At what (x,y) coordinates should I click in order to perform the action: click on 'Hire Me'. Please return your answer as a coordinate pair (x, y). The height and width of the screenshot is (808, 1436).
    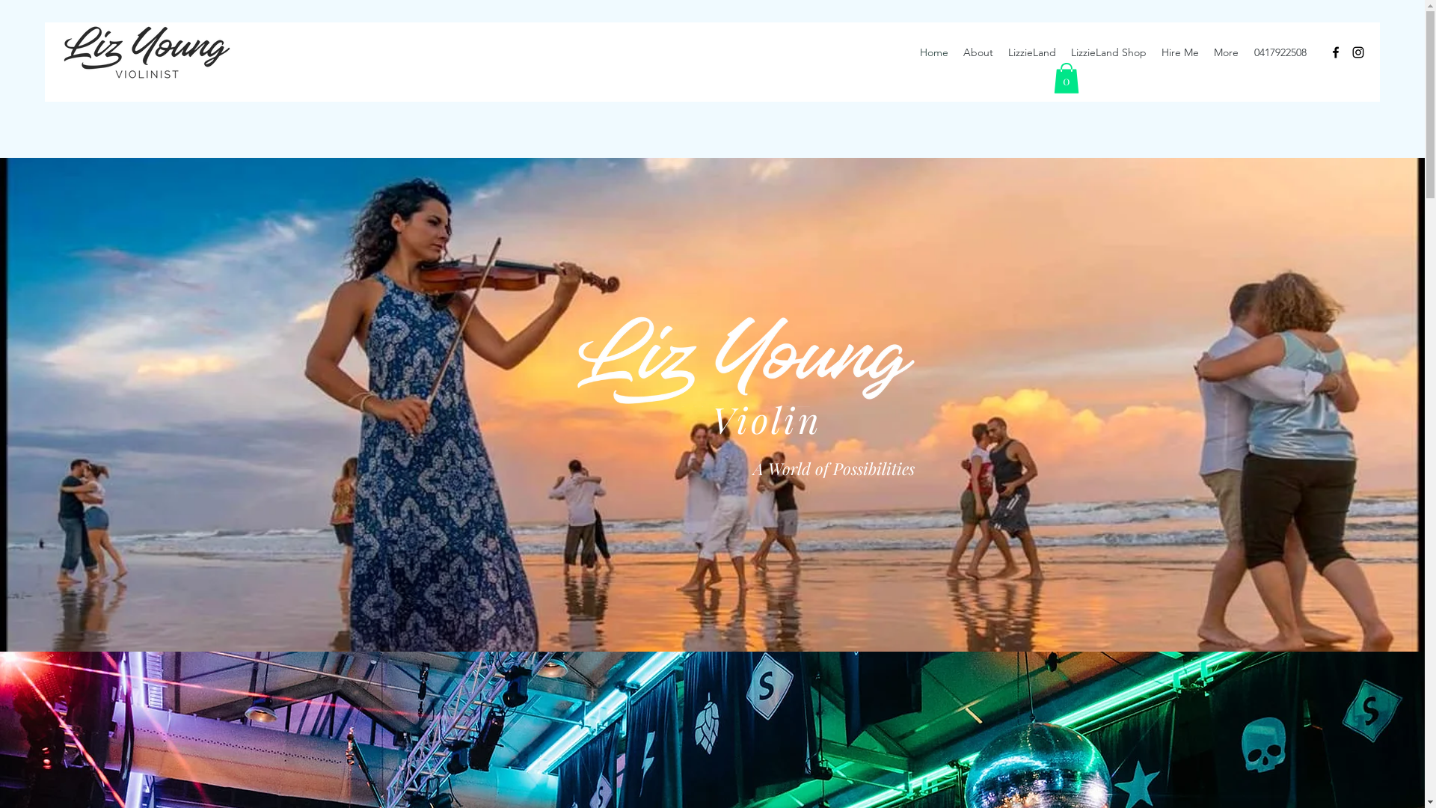
    Looking at the image, I should click on (1179, 51).